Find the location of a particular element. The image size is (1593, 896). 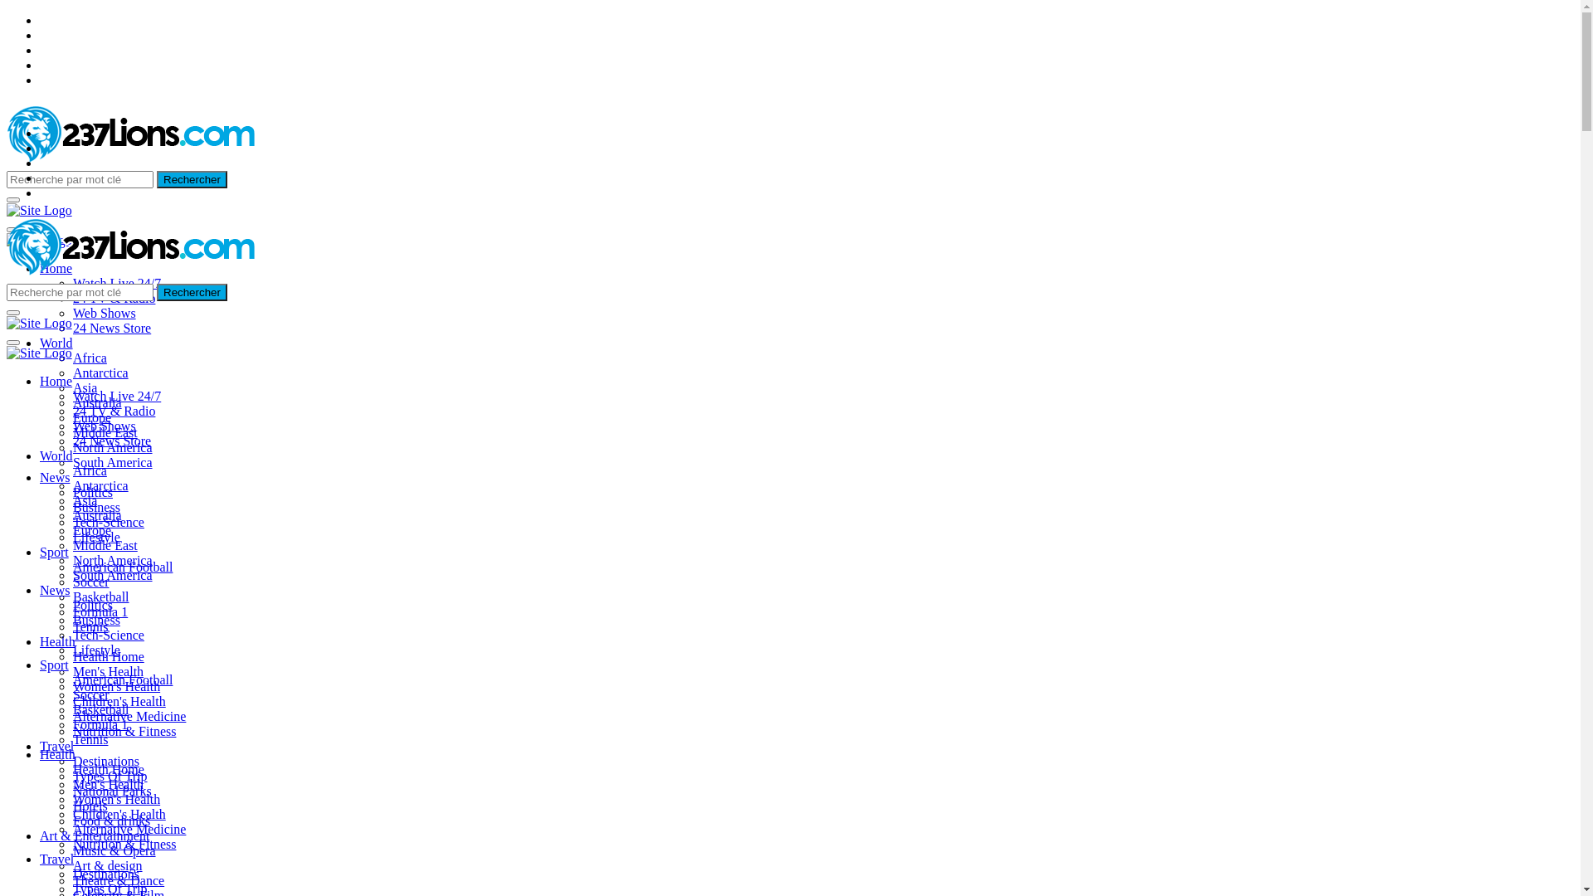

'Health Home' is located at coordinates (107, 655).